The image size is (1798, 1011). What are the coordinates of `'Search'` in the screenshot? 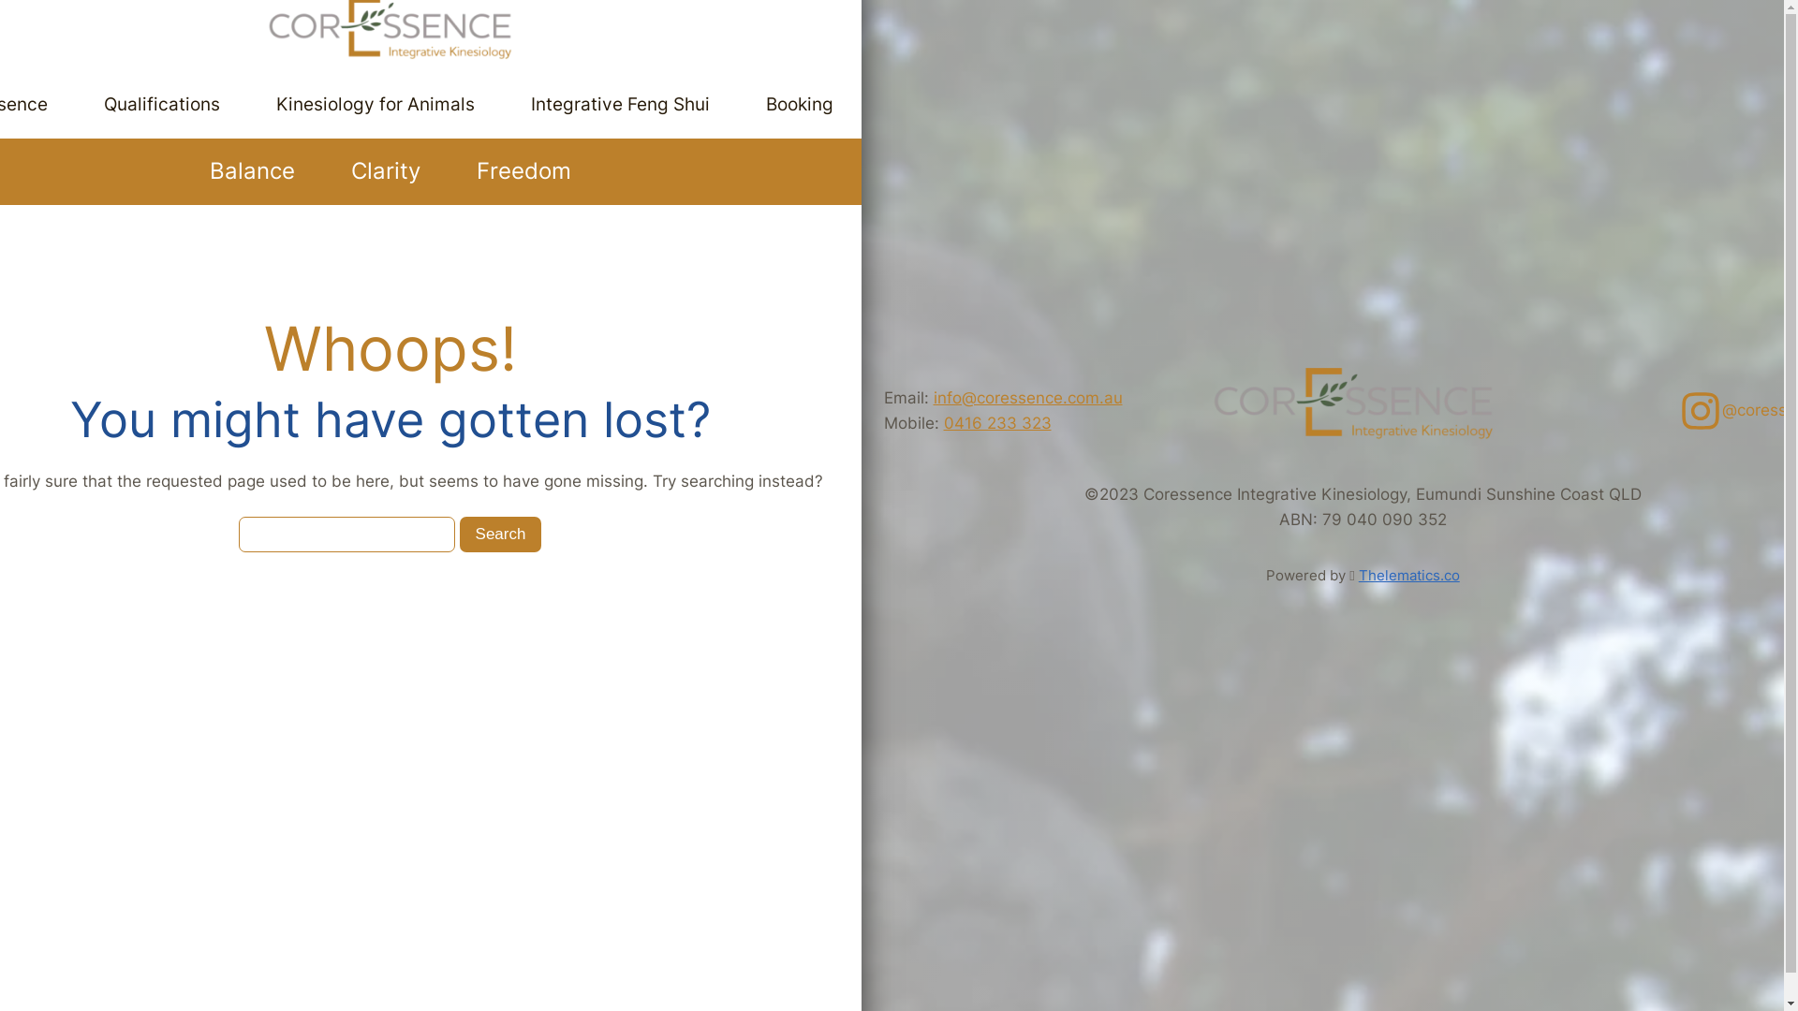 It's located at (500, 535).